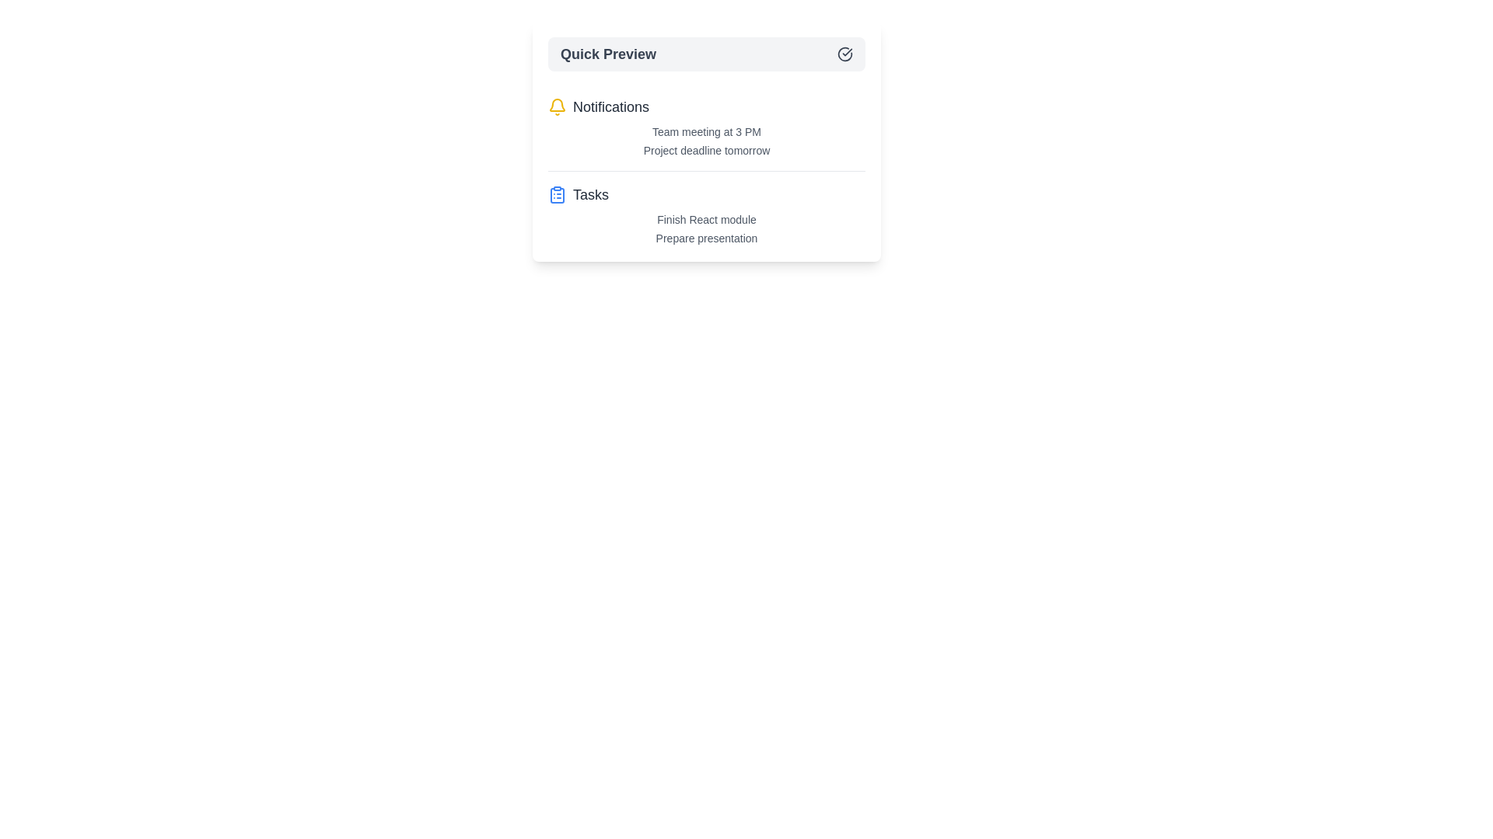 This screenshot has height=839, width=1493. I want to click on the Quick Preview button to toggle the menu visibility, so click(705, 53).